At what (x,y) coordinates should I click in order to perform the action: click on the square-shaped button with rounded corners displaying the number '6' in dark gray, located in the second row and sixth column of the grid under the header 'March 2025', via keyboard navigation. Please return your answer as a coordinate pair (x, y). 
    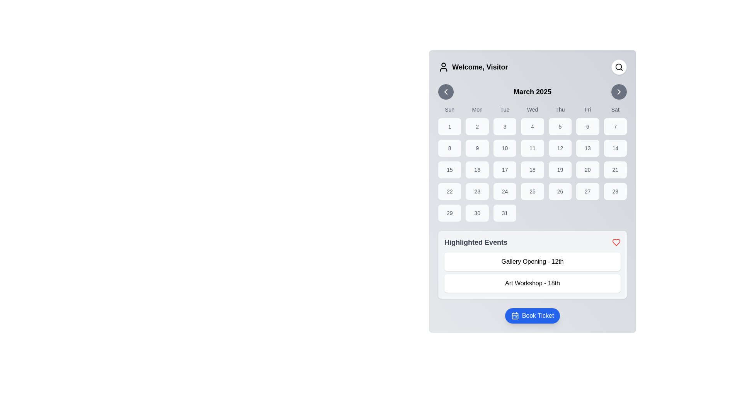
    Looking at the image, I should click on (587, 126).